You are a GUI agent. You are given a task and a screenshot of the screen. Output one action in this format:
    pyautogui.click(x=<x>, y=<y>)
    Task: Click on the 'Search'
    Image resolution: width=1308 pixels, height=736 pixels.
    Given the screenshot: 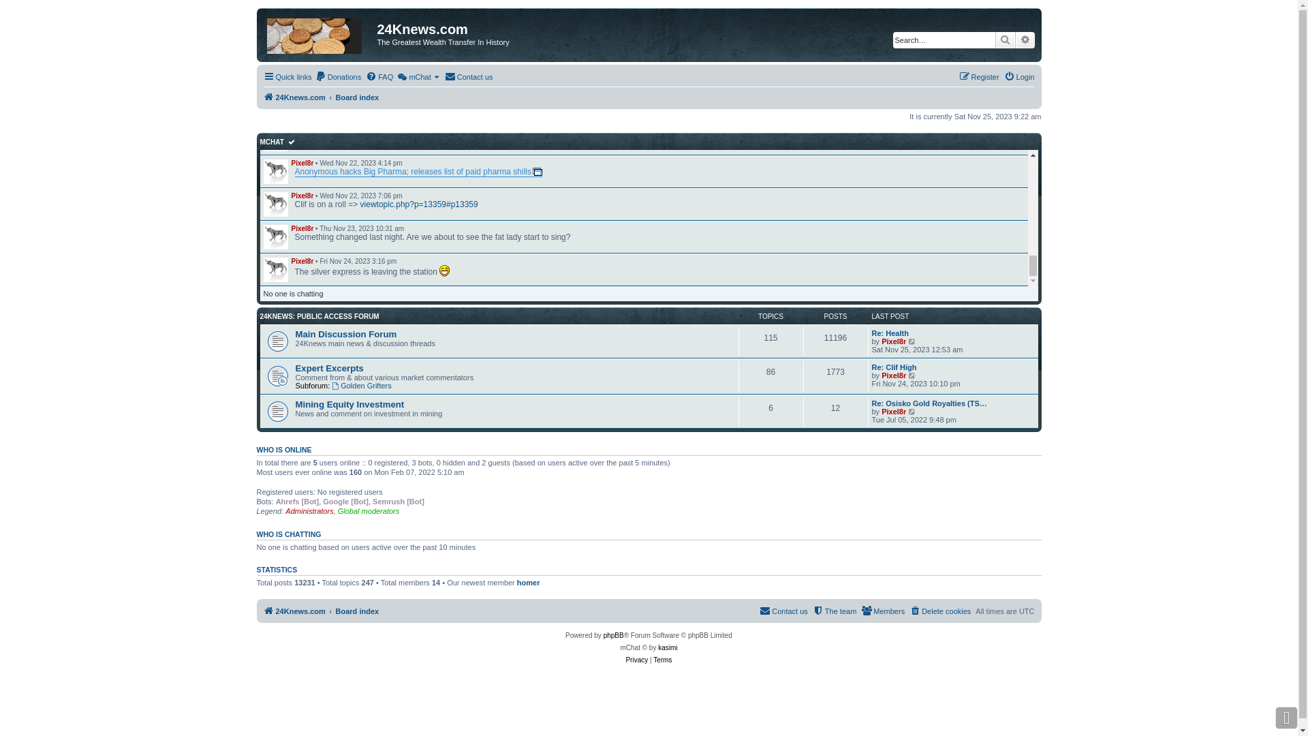 What is the action you would take?
    pyautogui.click(x=994, y=39)
    